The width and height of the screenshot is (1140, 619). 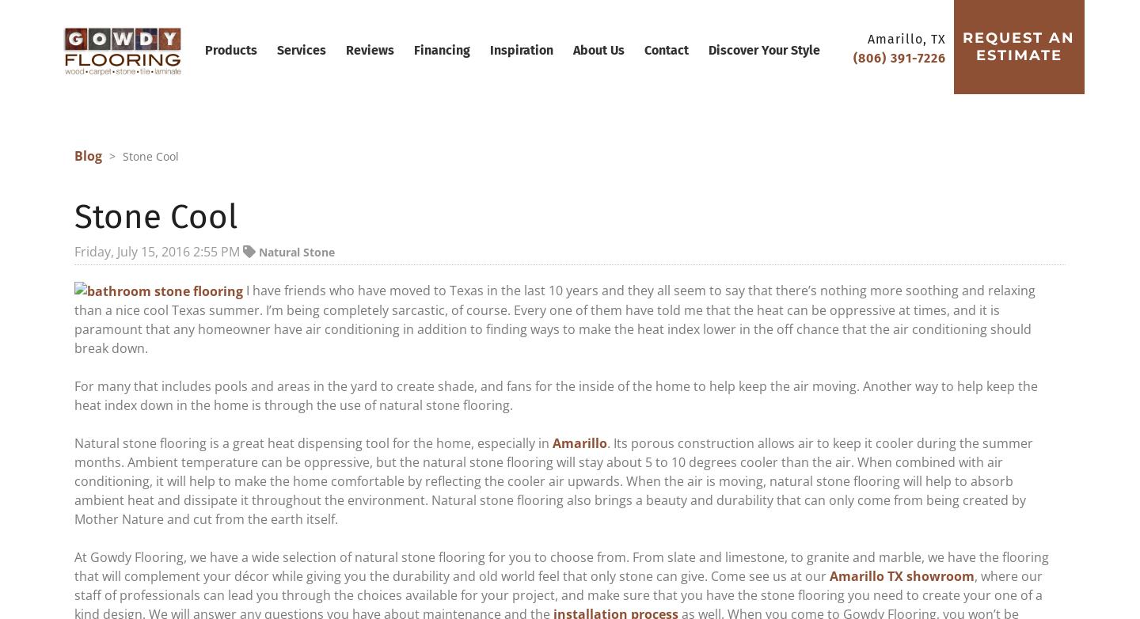 I want to click on 'Natural Stone', so click(x=697, y=213).